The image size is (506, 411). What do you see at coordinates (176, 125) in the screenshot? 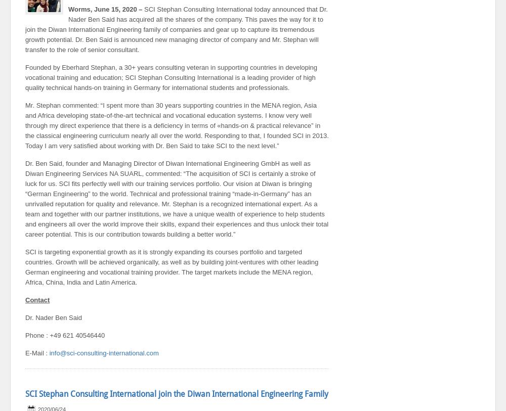
I see `'Mr. Stephan commented: “I spent more than 30 years supporting countries in the MENA region, Asia and Africa developing state-of-the-art technical and vocational education systems. I know very well through my direct experience that there is a deficiency in terms of «hands-on & practical relevance” in the classical engineering curriculum nearly all over the world. Responding to that, I founded SCI in 2013. Today I am very satisfied about working with Dr. Ben Said to take SCI to the next level.”'` at bounding box center [176, 125].